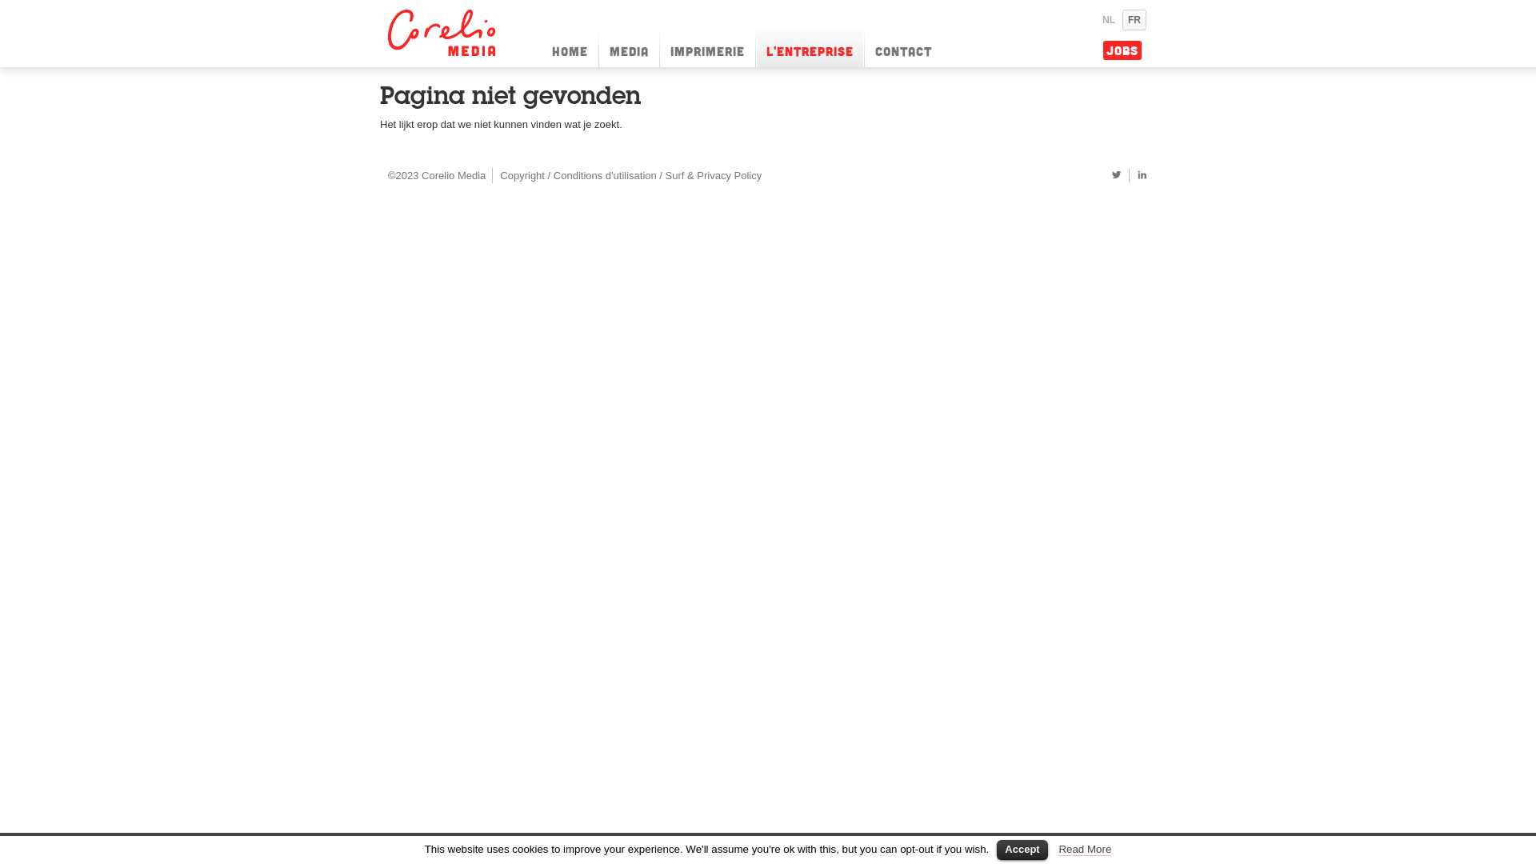  Describe the element at coordinates (1121, 49) in the screenshot. I see `'JOBS'` at that location.